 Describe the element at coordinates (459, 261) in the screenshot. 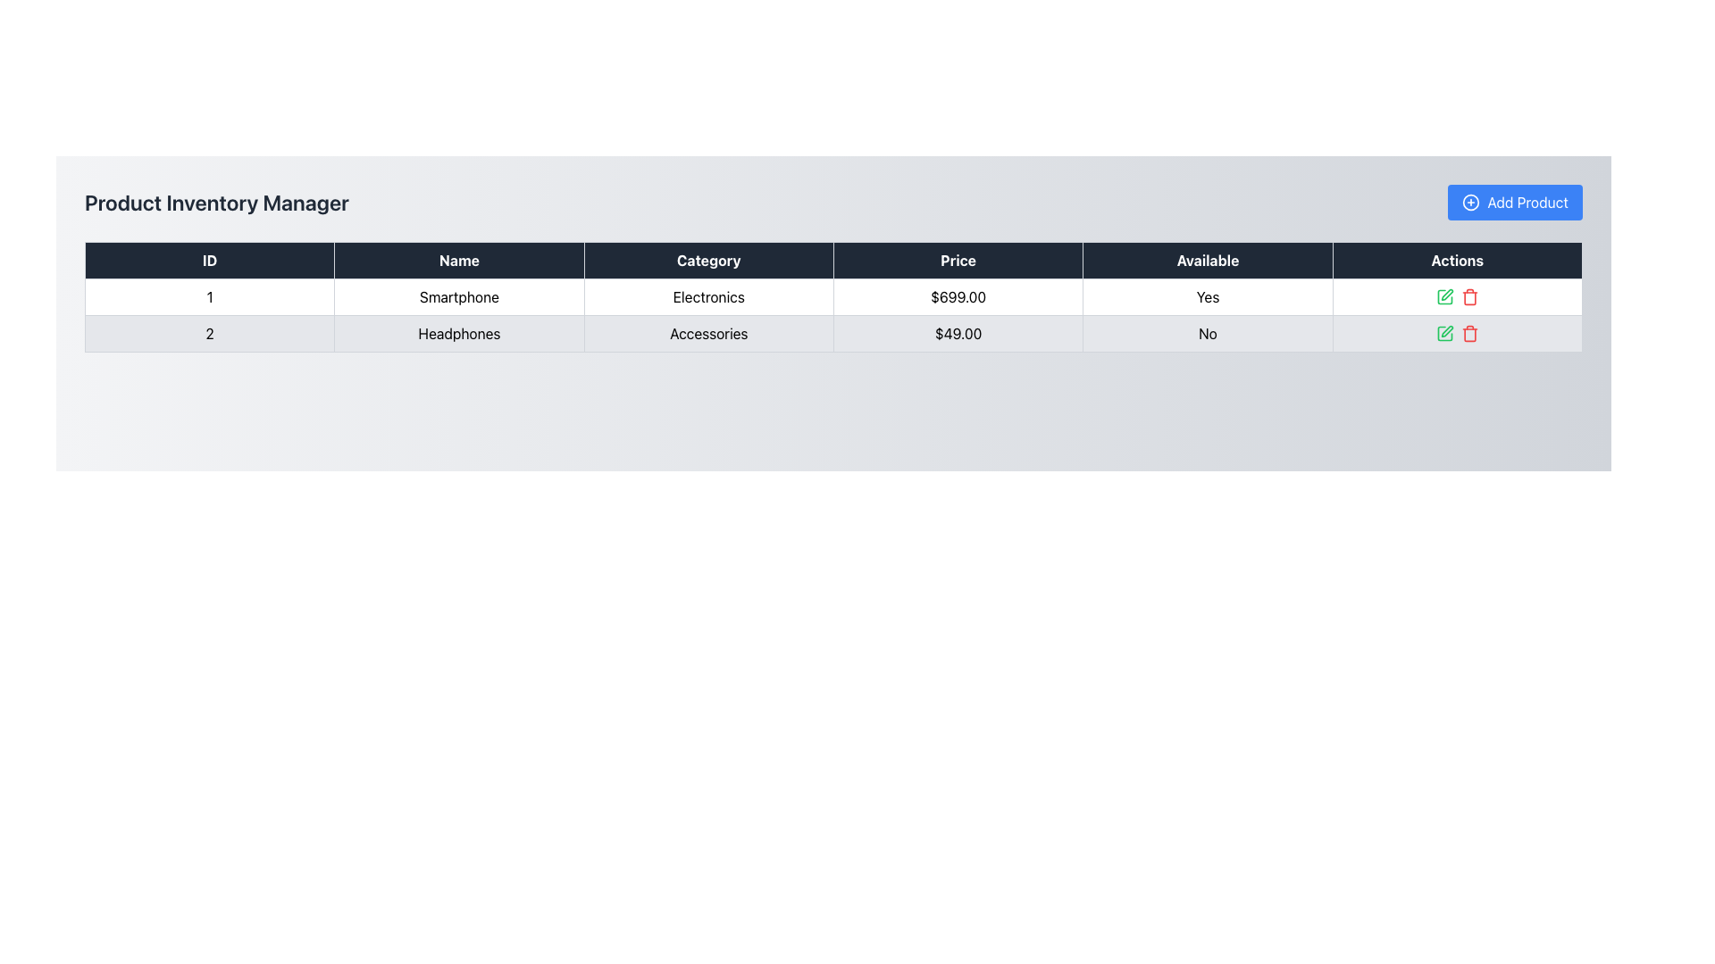

I see `the text label displaying 'Name' which is located in the second column of the header row in the table under 'Product Inventory Manager'` at that location.